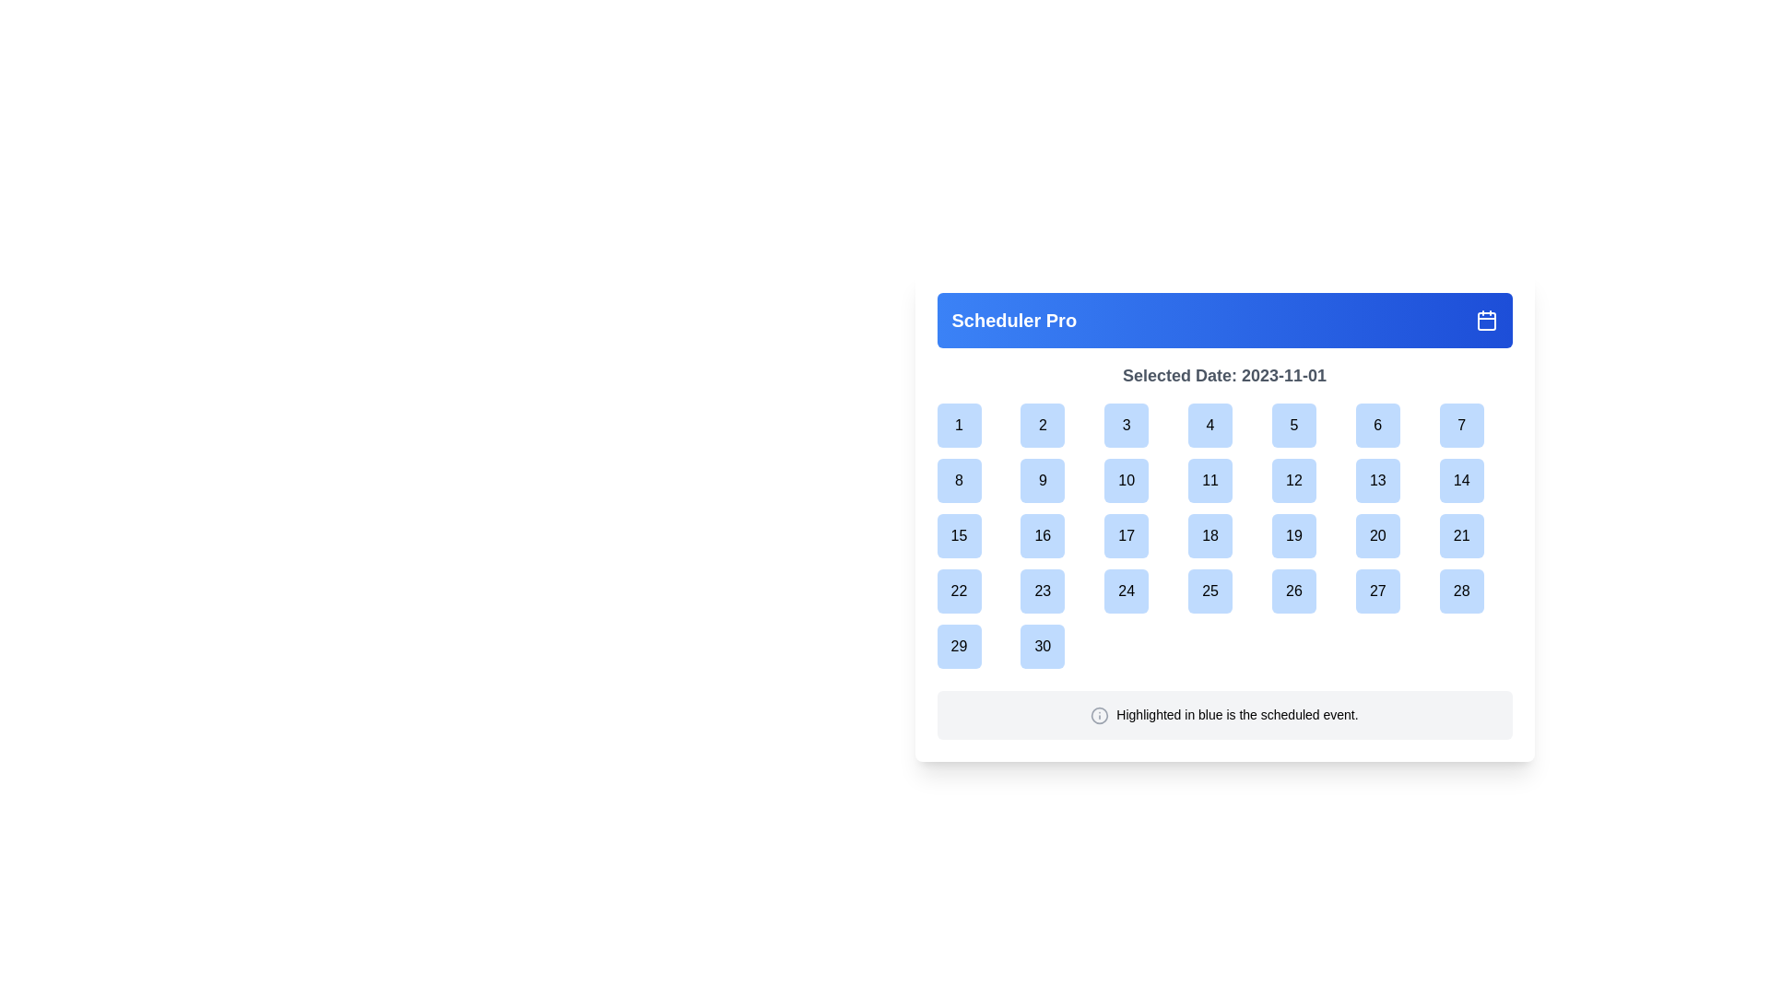 The image size is (1770, 995). What do you see at coordinates (1486, 319) in the screenshot?
I see `the calendar icon located at the top-right corner of the 'Scheduler Pro' header bar` at bounding box center [1486, 319].